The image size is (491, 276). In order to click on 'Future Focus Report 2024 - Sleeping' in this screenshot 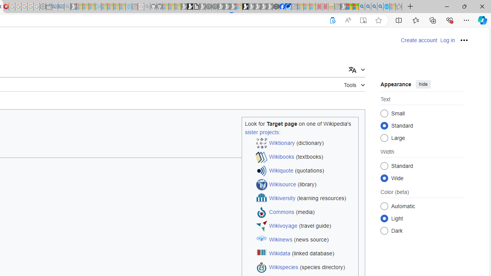, I will do `click(214, 7)`.